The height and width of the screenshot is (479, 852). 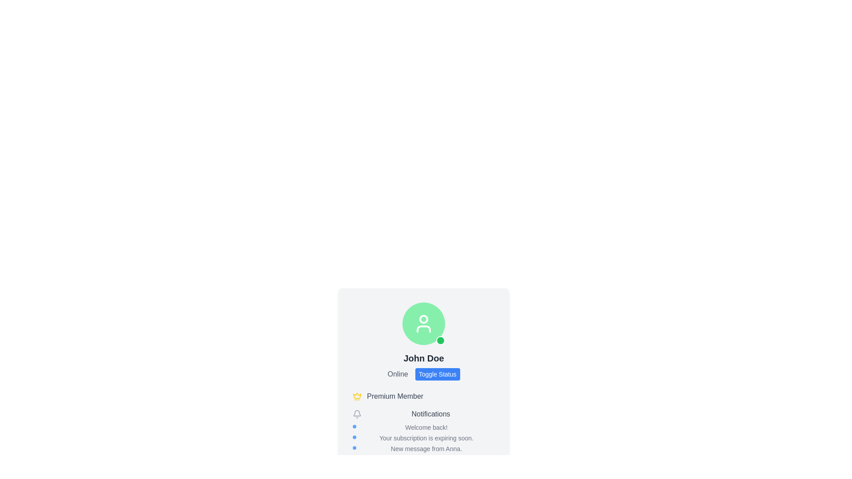 I want to click on the button located beneath the name 'John Doe' and to the right of the status label 'Online', so click(x=423, y=374).